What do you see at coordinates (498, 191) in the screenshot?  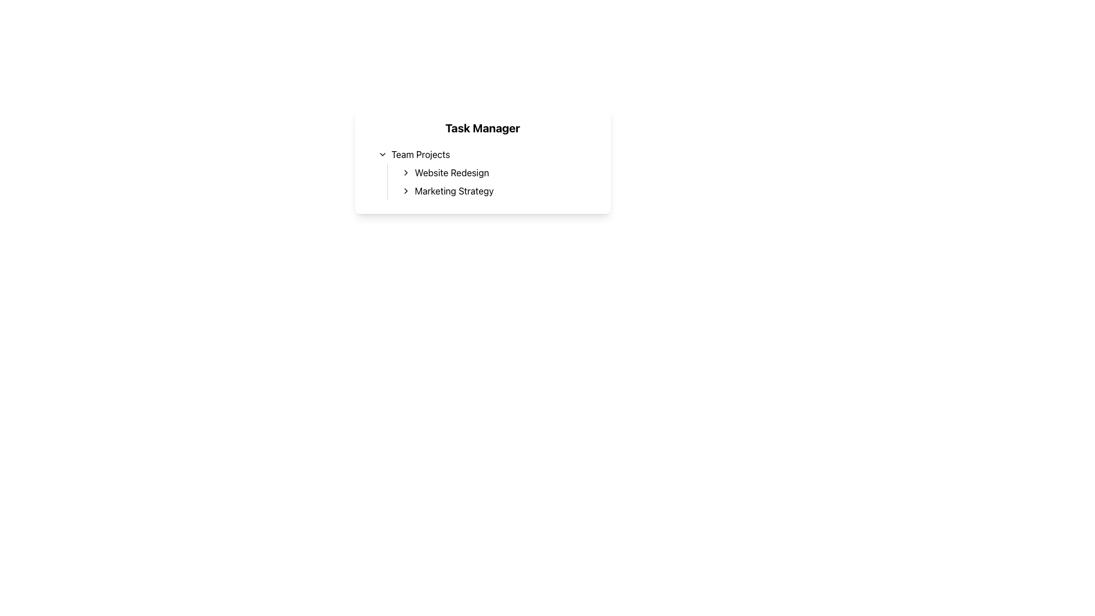 I see `the 'Marketing Strategy' list item in the 'Team Projects' section` at bounding box center [498, 191].